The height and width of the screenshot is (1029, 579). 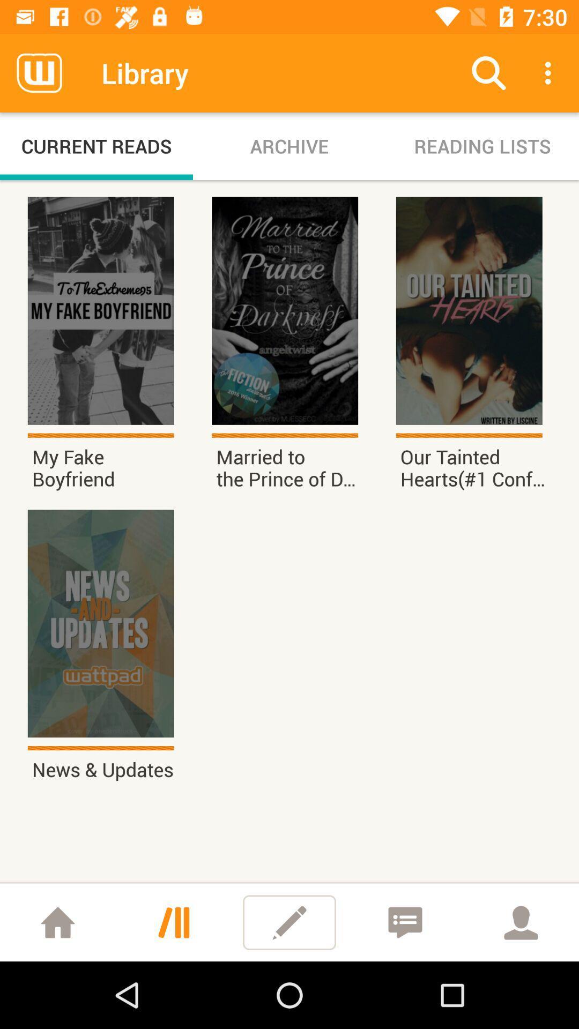 What do you see at coordinates (289, 922) in the screenshot?
I see `the edit icon` at bounding box center [289, 922].